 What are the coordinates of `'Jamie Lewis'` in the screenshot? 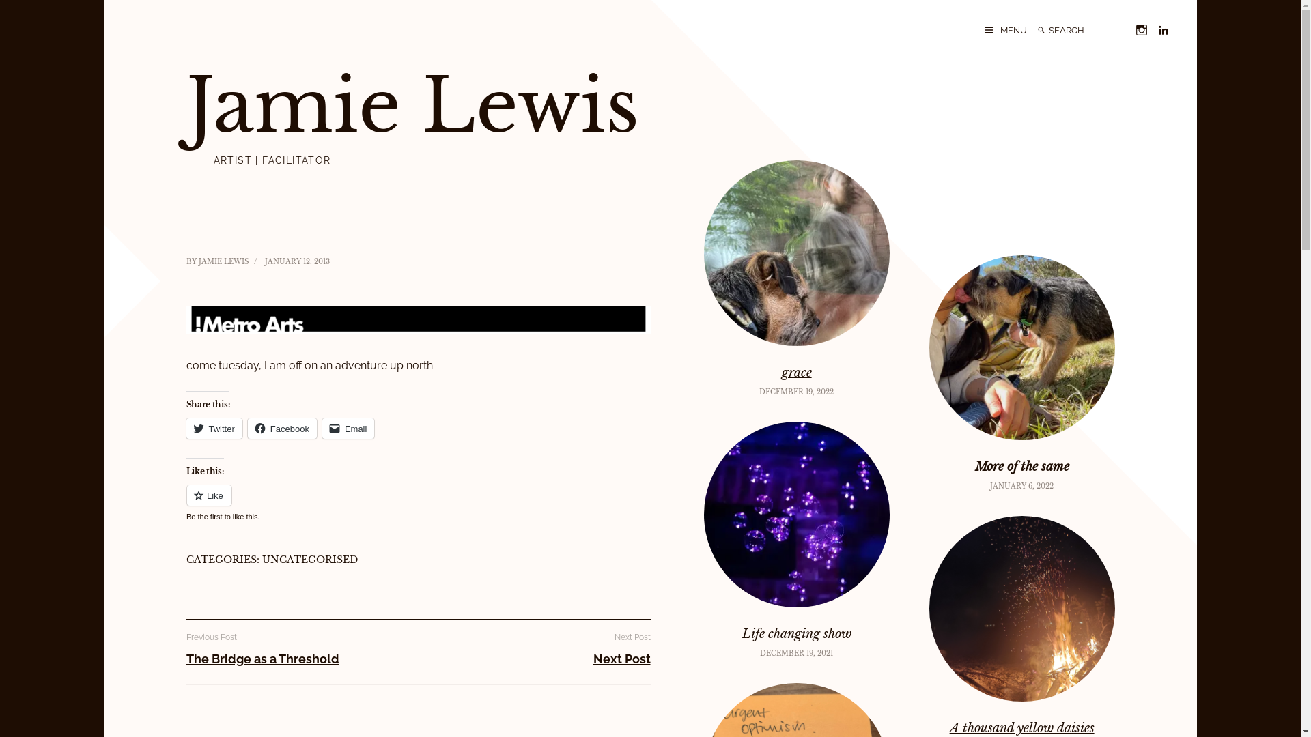 It's located at (411, 104).